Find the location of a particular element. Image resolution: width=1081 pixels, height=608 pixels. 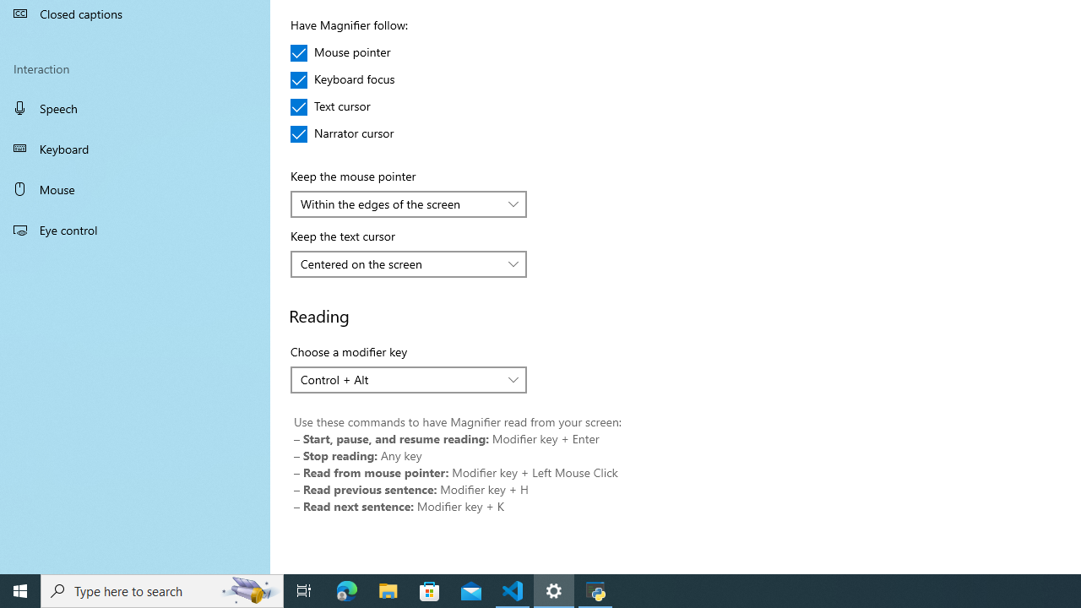

'Choose a modifier key' is located at coordinates (409, 380).